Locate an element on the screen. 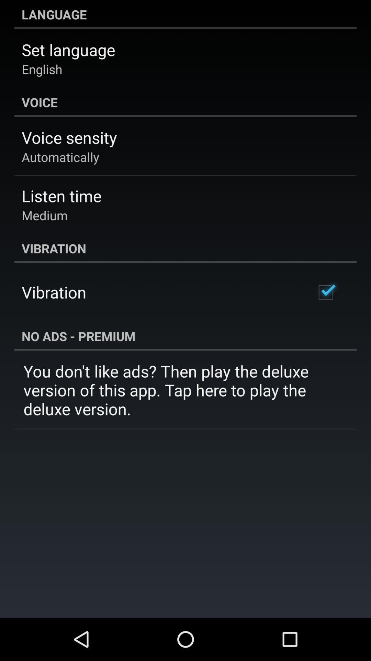 The height and width of the screenshot is (661, 371). the voice sensity item is located at coordinates (69, 137).